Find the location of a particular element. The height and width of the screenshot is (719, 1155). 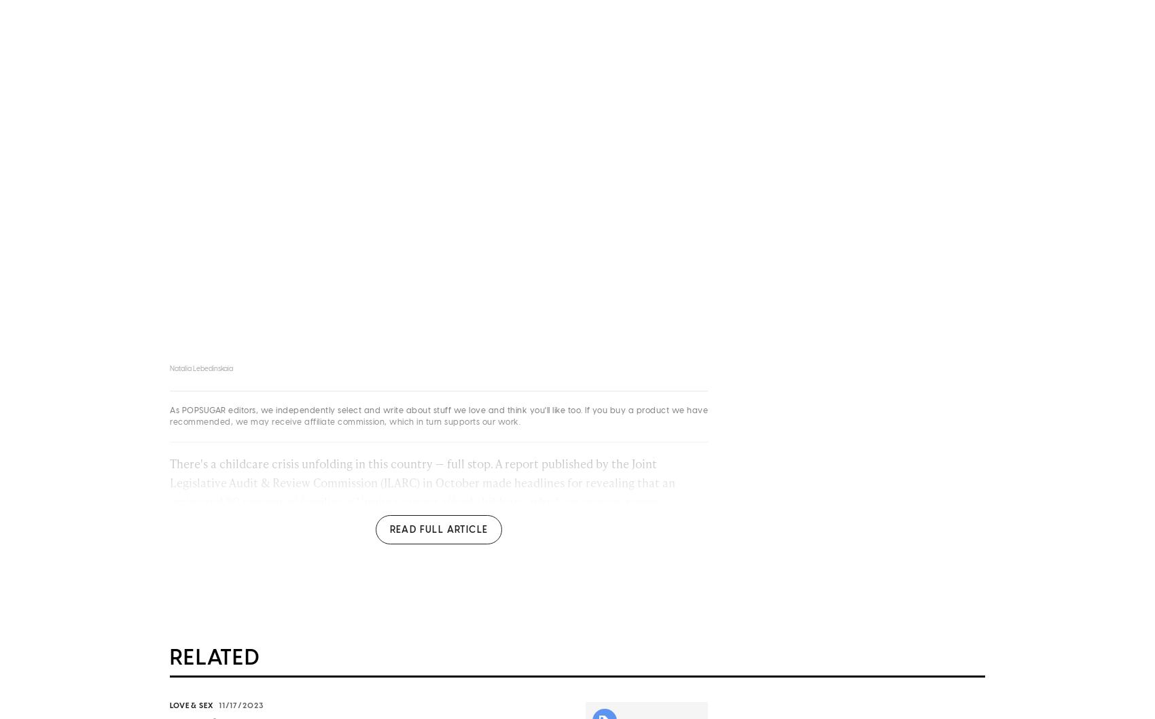

', which on average ranges between $100 and $440 per child, per week. While this study focuses on a single state, the results are a microcosm for a more significant issue sweeping the nation, one that experts unanimously underscore' is located at coordinates (439, 525).